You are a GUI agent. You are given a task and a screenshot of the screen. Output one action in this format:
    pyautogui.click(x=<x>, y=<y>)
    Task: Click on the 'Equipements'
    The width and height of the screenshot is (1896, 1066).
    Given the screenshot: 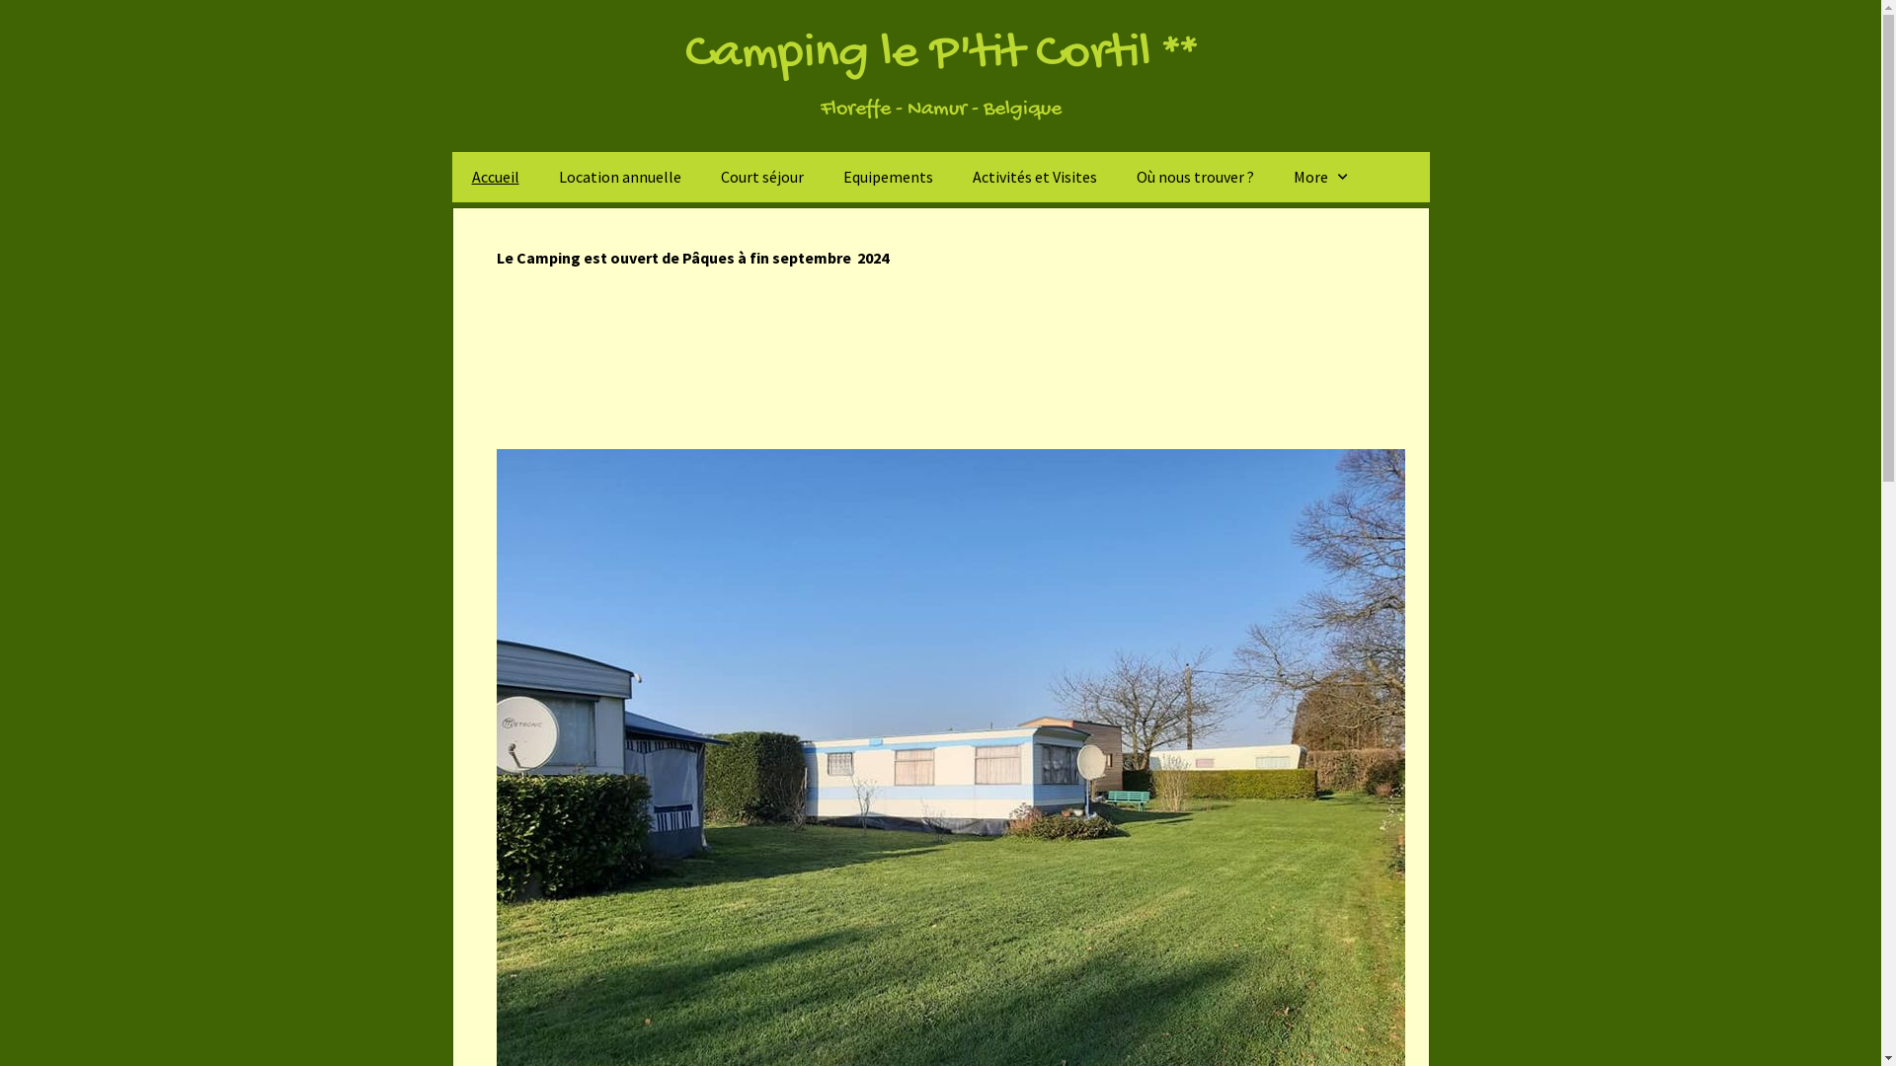 What is the action you would take?
    pyautogui.click(x=887, y=176)
    